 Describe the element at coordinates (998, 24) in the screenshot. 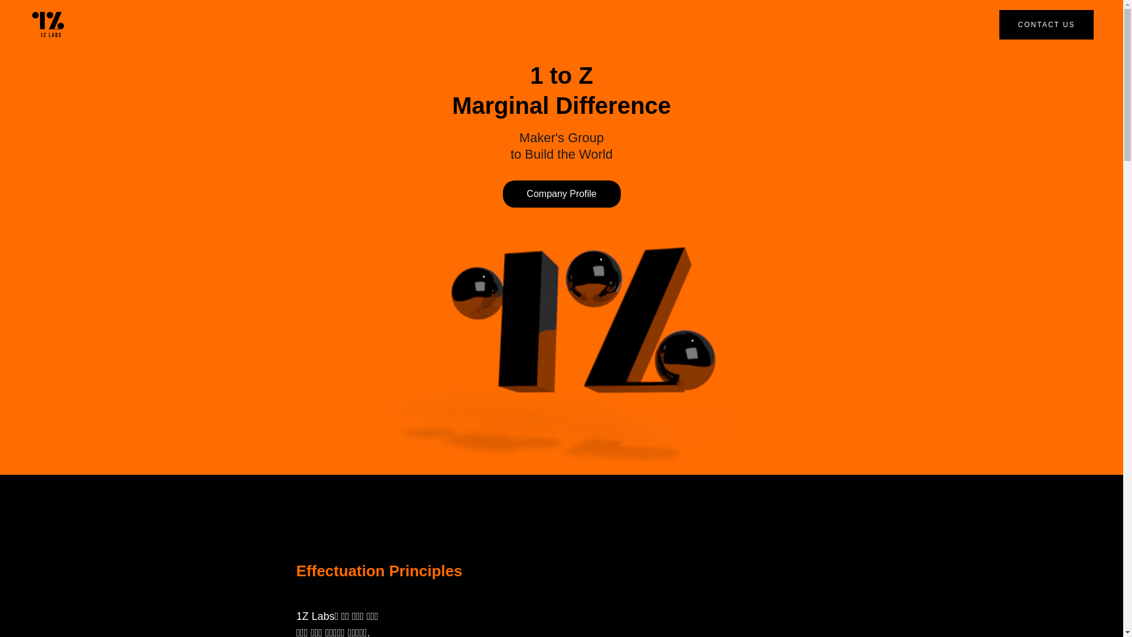

I see `'CONTACT US'` at that location.